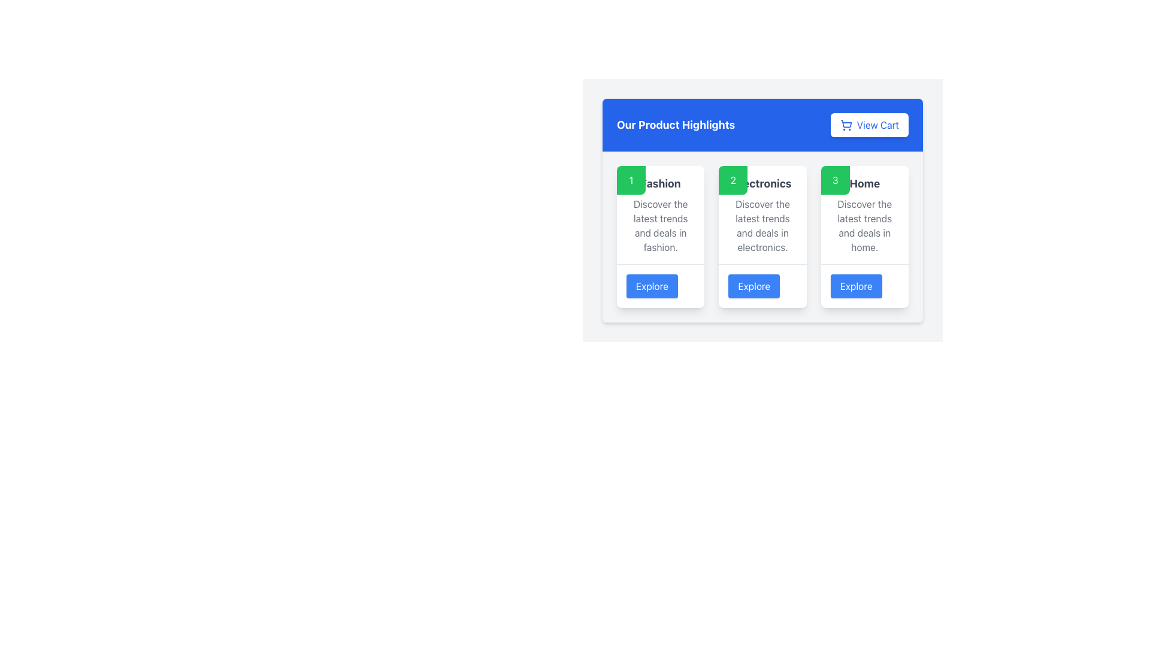 The width and height of the screenshot is (1150, 647). What do you see at coordinates (864, 214) in the screenshot?
I see `static informational text content titled 'Home' with the description 'Discover the latest trends and deals in home.'` at bounding box center [864, 214].